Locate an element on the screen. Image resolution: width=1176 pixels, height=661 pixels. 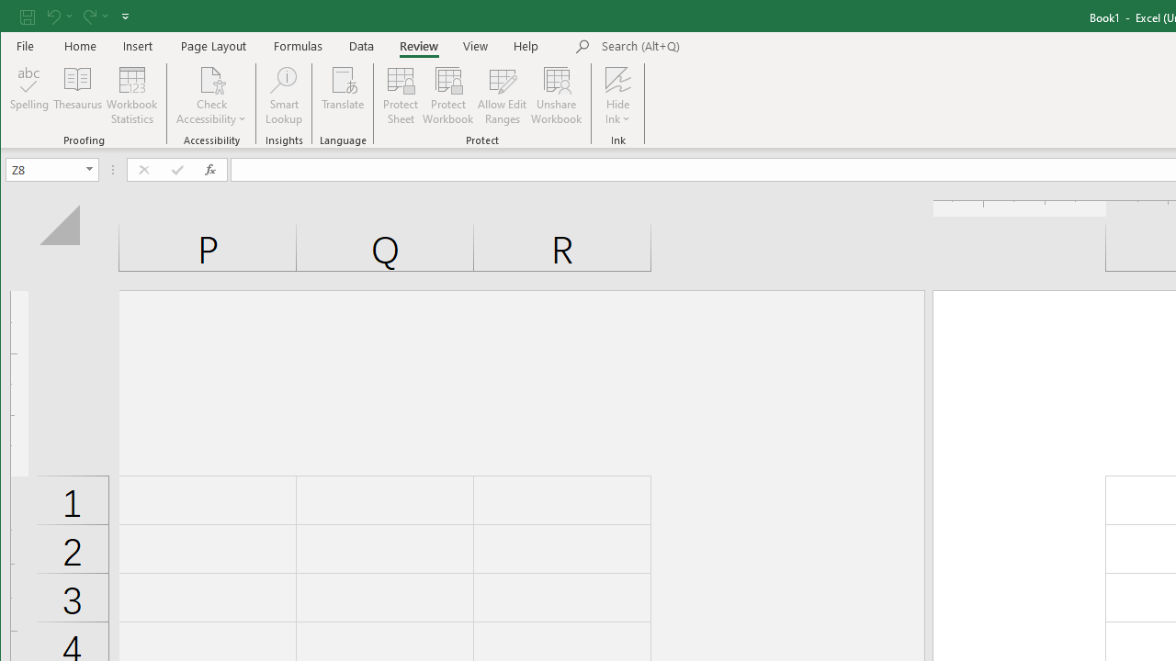
'Protect Workbook...' is located at coordinates (448, 95).